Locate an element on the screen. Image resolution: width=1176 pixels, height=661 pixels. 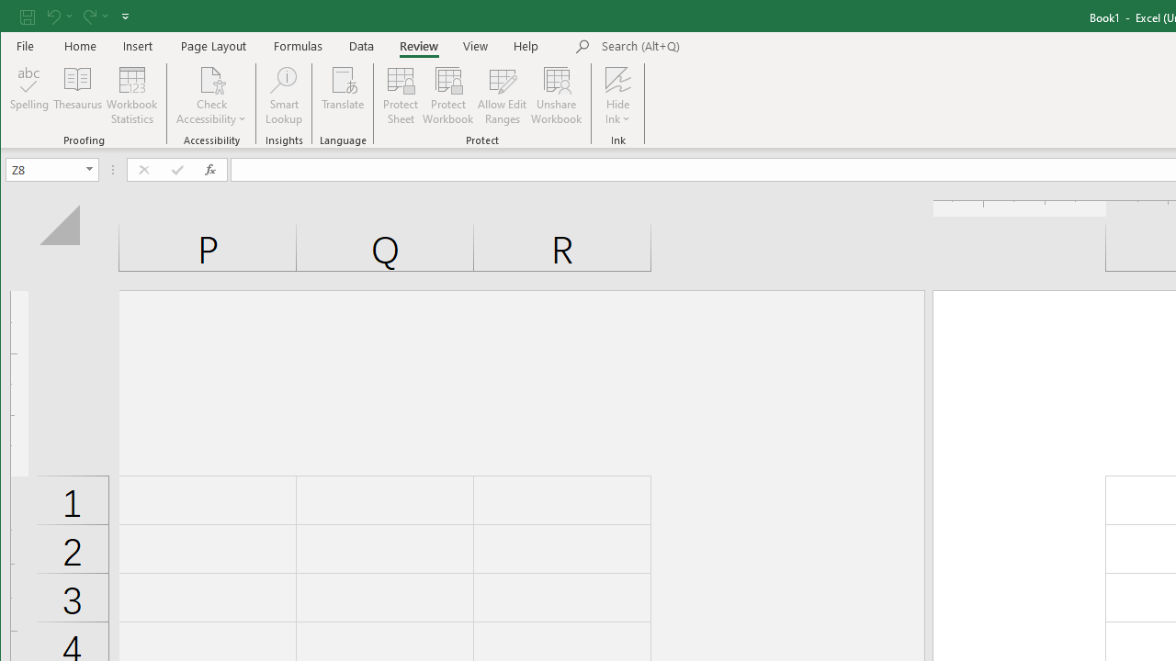
'Protect Workbook...' is located at coordinates (448, 95).